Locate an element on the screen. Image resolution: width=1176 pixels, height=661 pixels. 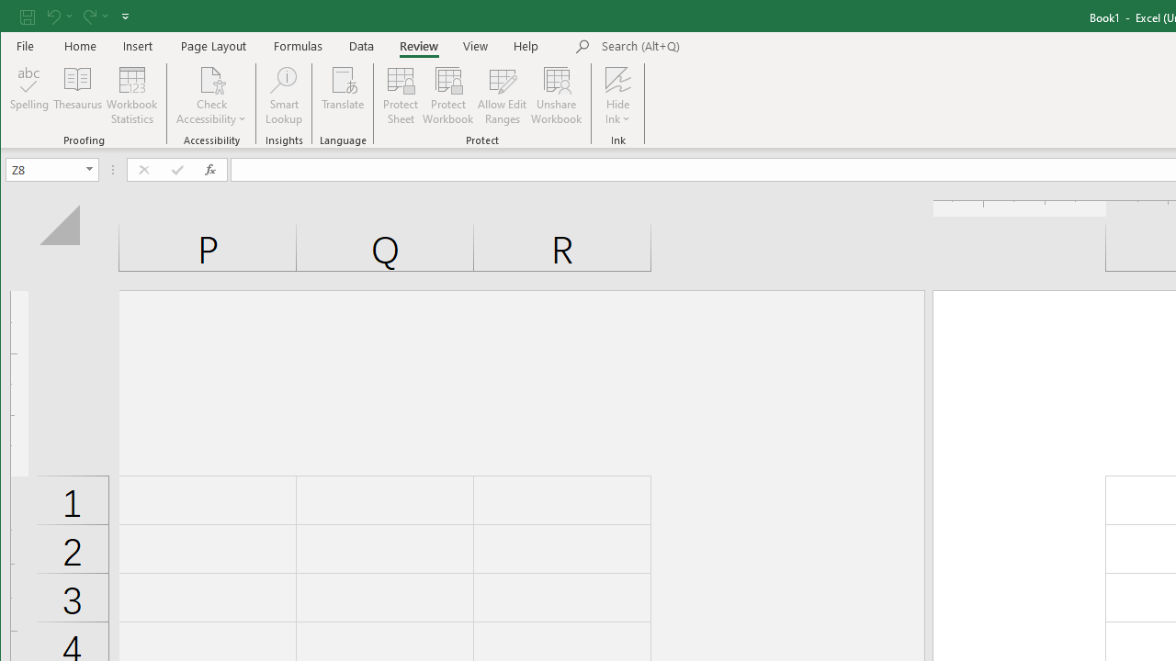
'Protect Workbook...' is located at coordinates (448, 95).